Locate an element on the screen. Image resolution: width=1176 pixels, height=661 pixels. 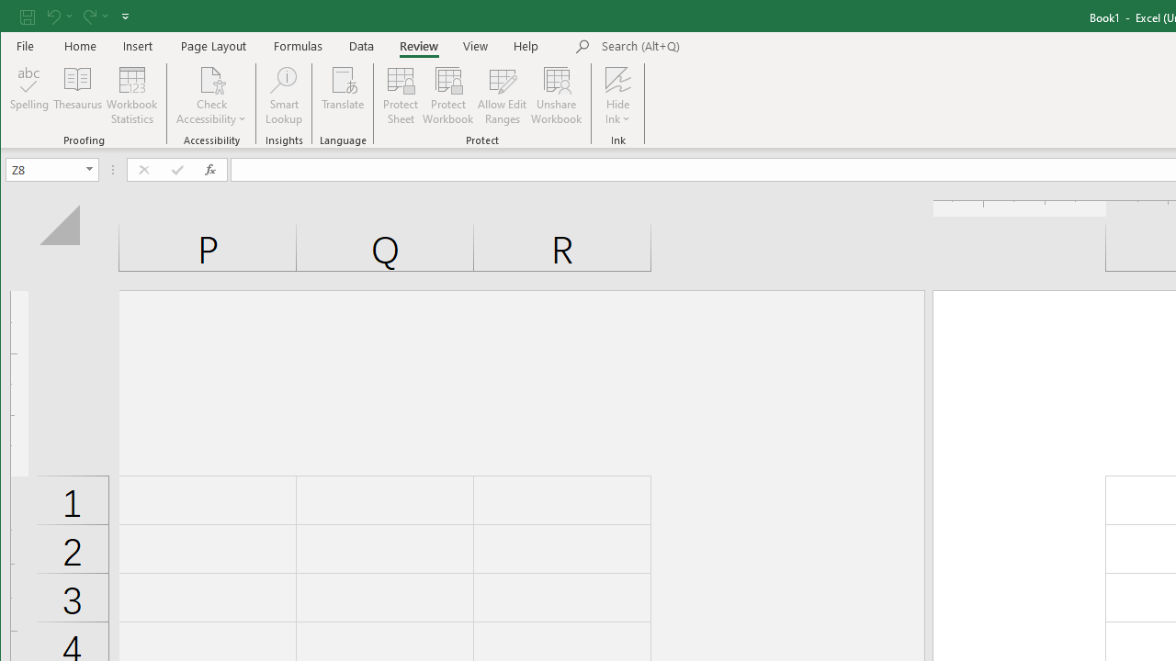
'Protect Workbook...' is located at coordinates (448, 95).